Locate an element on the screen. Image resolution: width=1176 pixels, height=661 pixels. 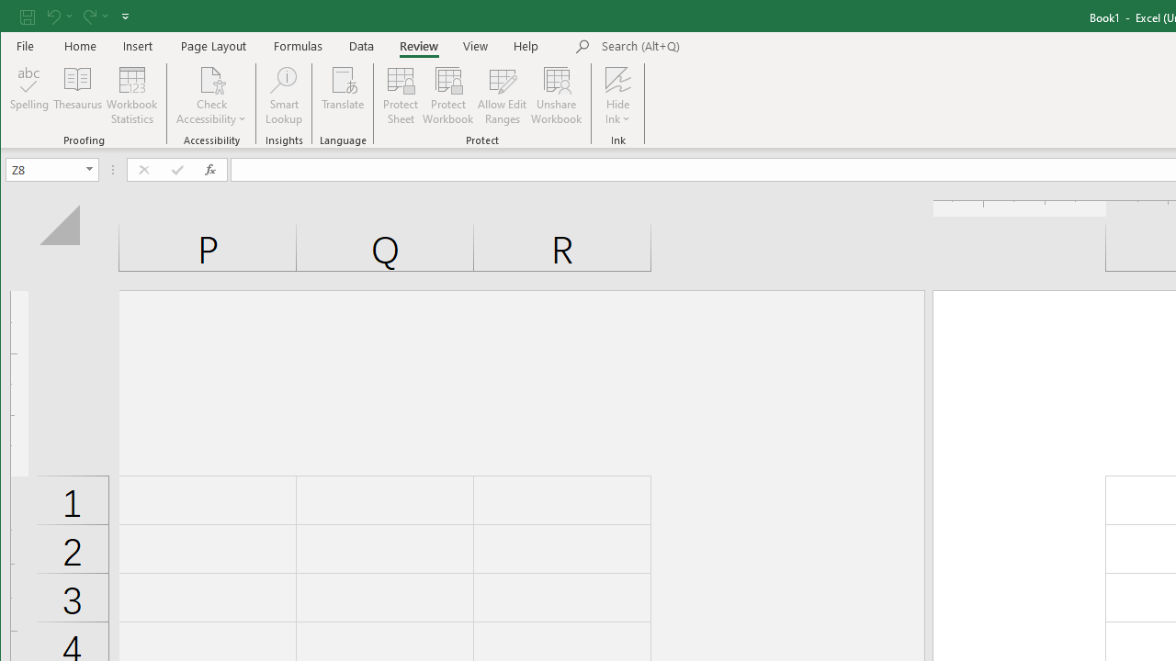
'Protect Workbook...' is located at coordinates (448, 95).